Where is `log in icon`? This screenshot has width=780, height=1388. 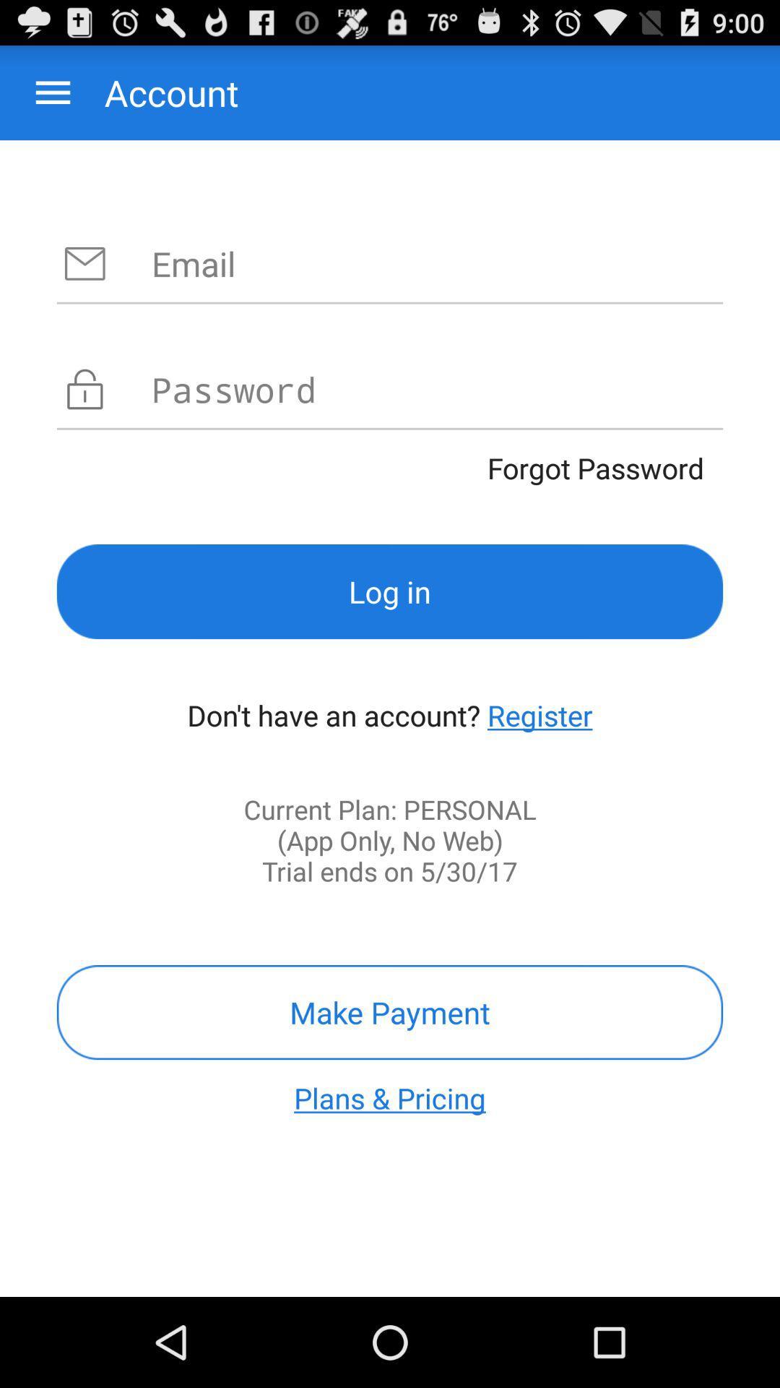 log in icon is located at coordinates (390, 591).